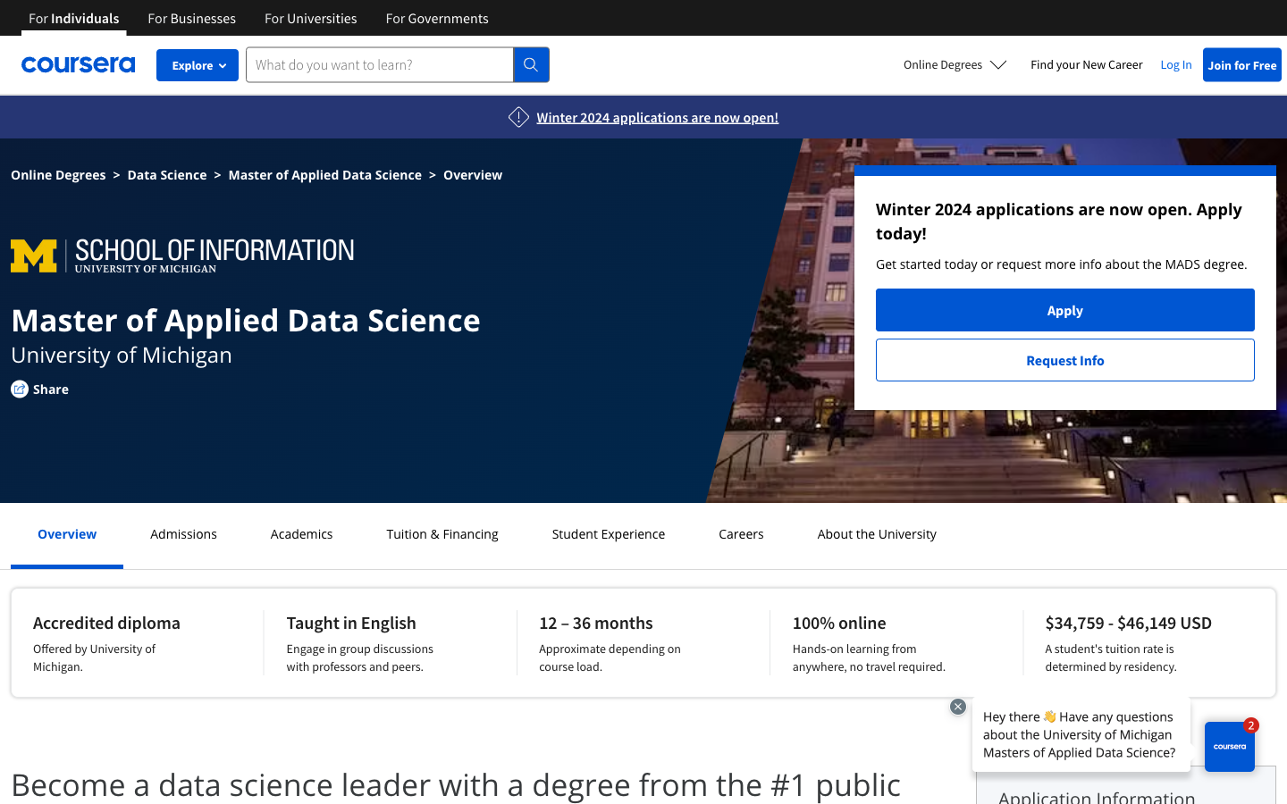 The image size is (1287, 804). Describe the element at coordinates (310, 16) in the screenshot. I see `Get all courses for universities` at that location.